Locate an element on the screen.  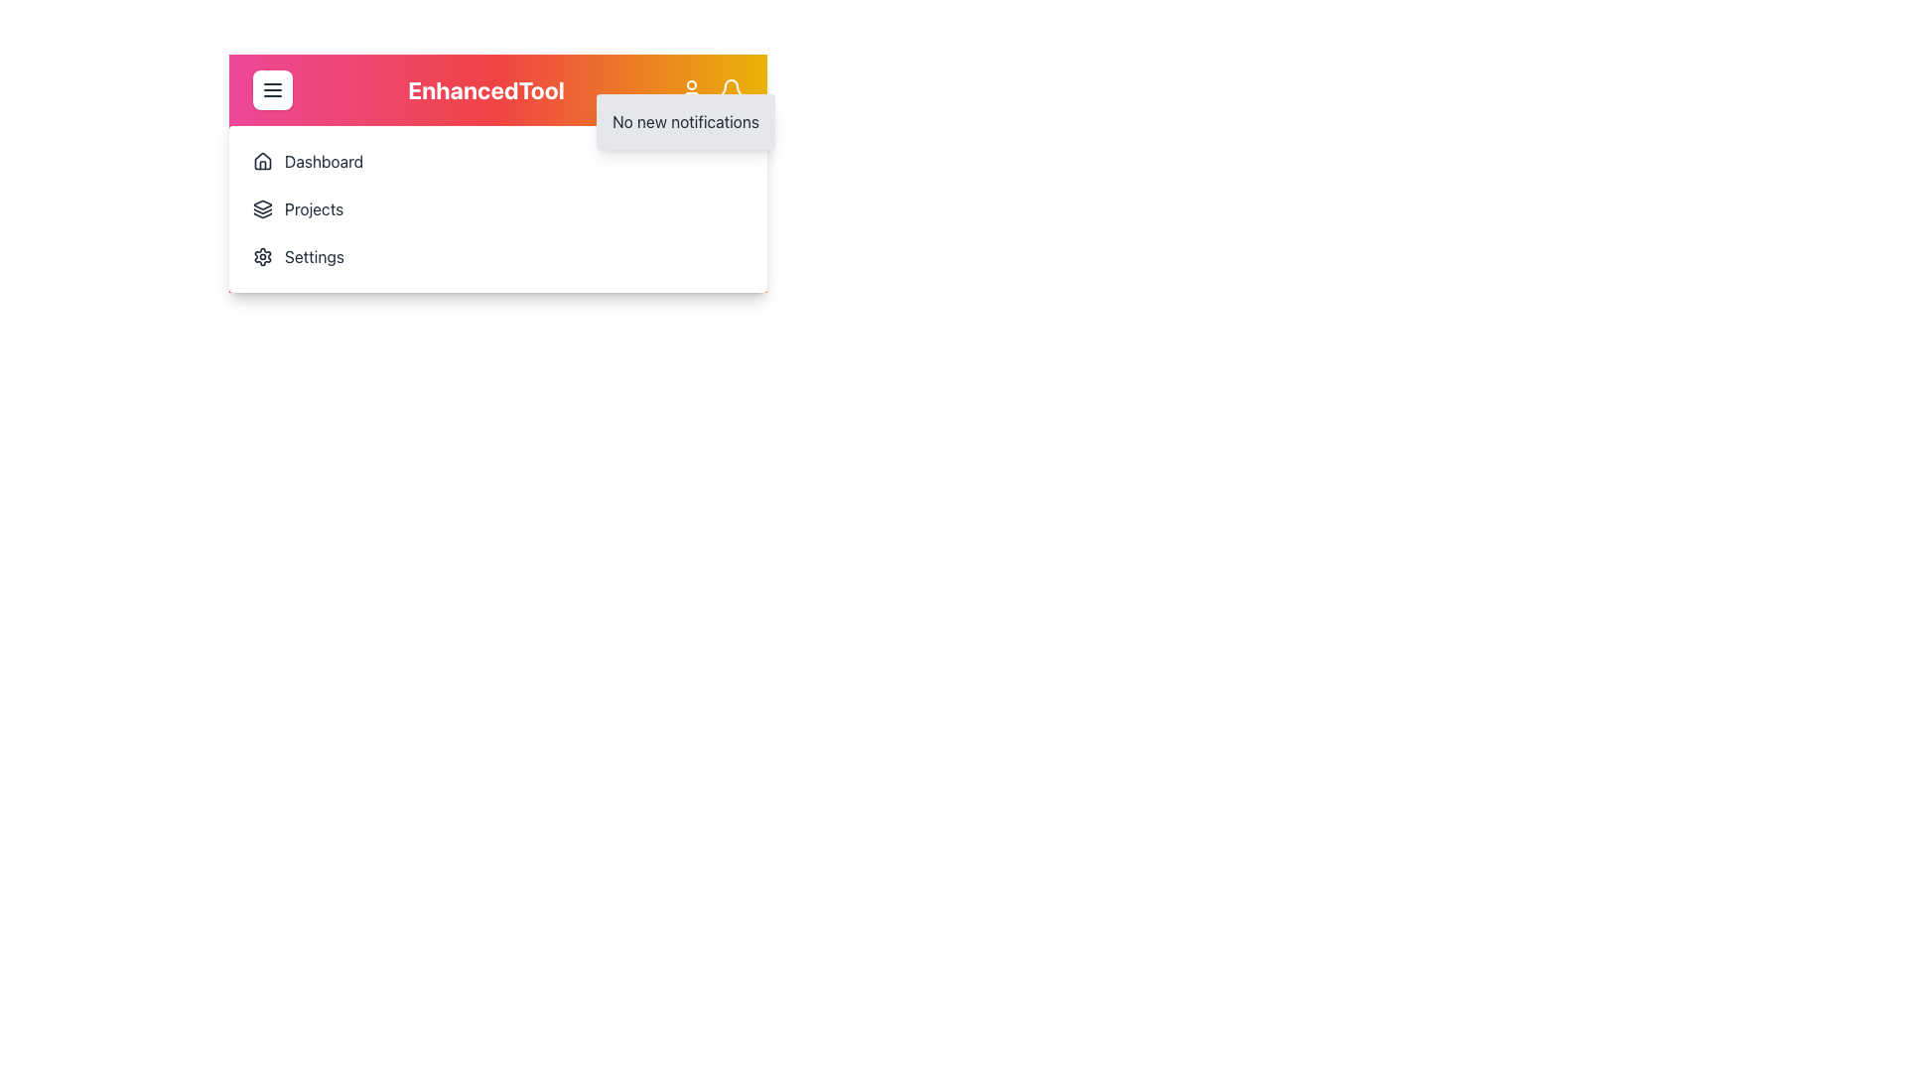
the multi-layered dark icon located to the left of the 'Projects' text in the navigation menu is located at coordinates (261, 209).